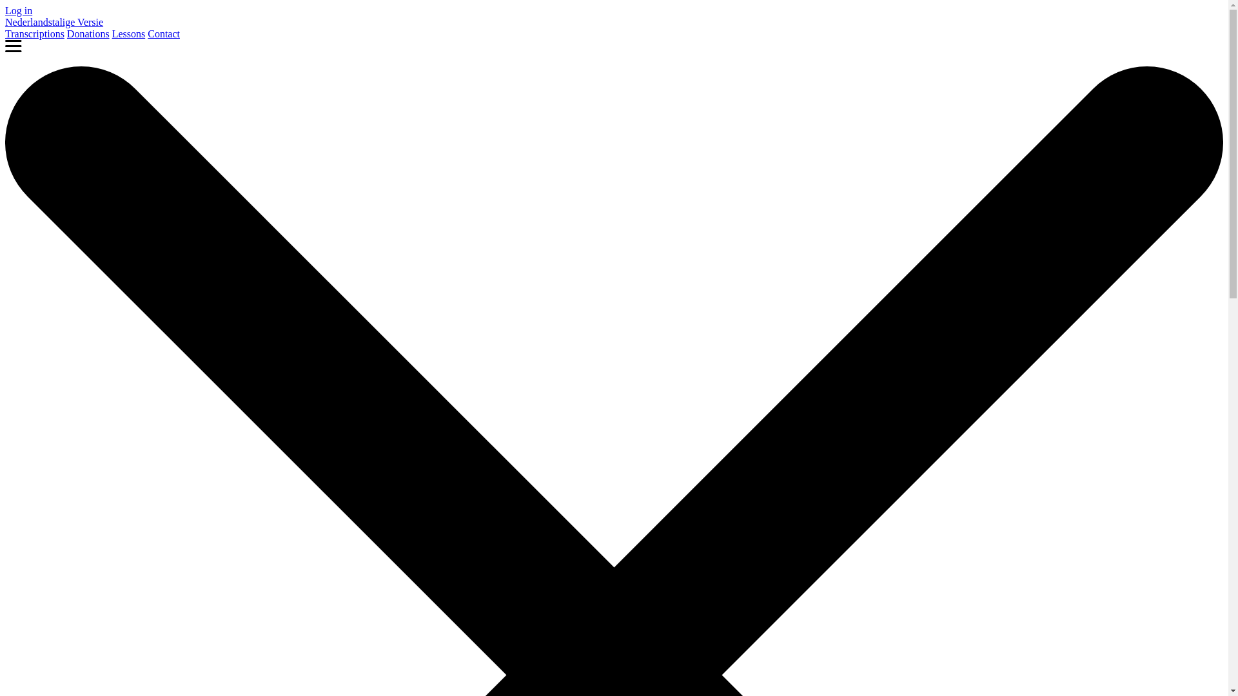 The width and height of the screenshot is (1238, 696). Describe the element at coordinates (129, 33) in the screenshot. I see `'Lessons'` at that location.